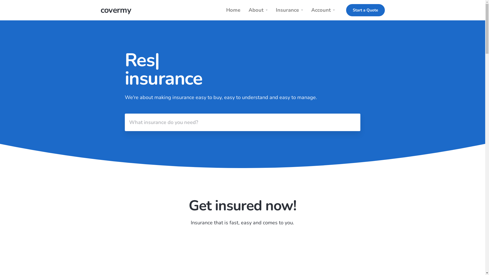 Image resolution: width=489 pixels, height=275 pixels. Describe the element at coordinates (233, 10) in the screenshot. I see `'Home'` at that location.